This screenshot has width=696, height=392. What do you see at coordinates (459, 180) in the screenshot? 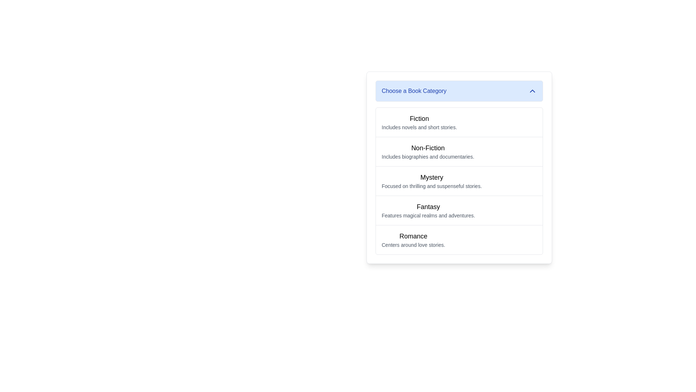
I see `the third category selection item for 'Mystery' in the book categories list` at bounding box center [459, 180].